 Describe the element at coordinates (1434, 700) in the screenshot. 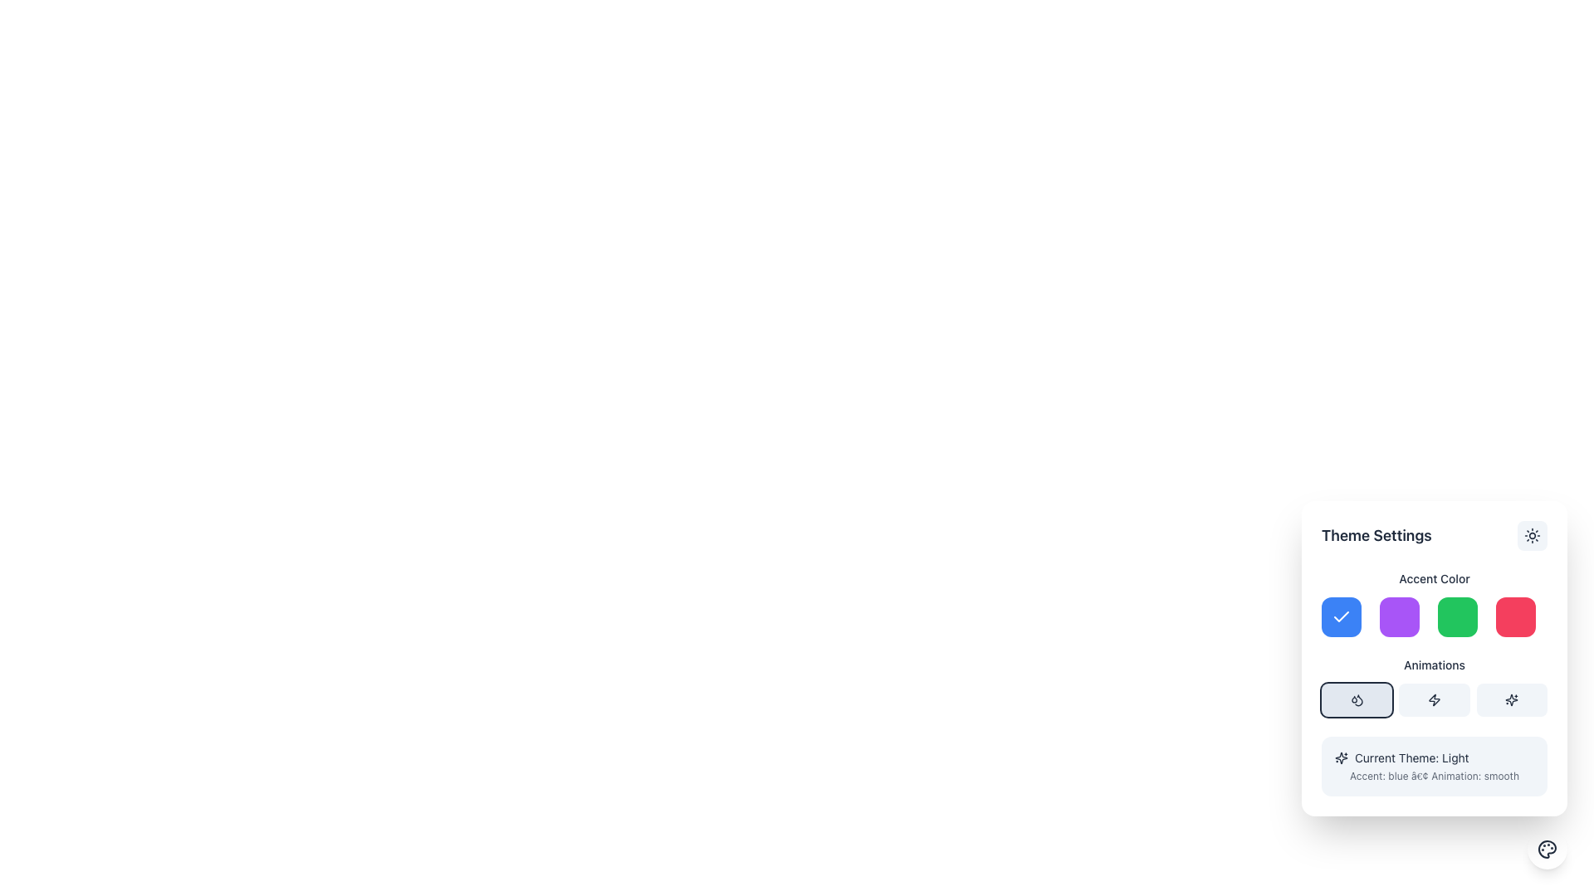

I see `the lightning bolt-shaped icon representing energy or electricity, located` at that location.